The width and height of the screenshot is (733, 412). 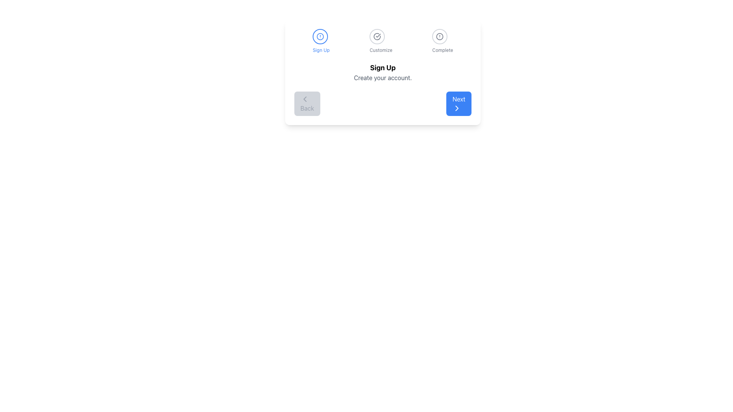 What do you see at coordinates (457, 108) in the screenshot?
I see `the right-facing chevron icon on the 'Next' button` at bounding box center [457, 108].